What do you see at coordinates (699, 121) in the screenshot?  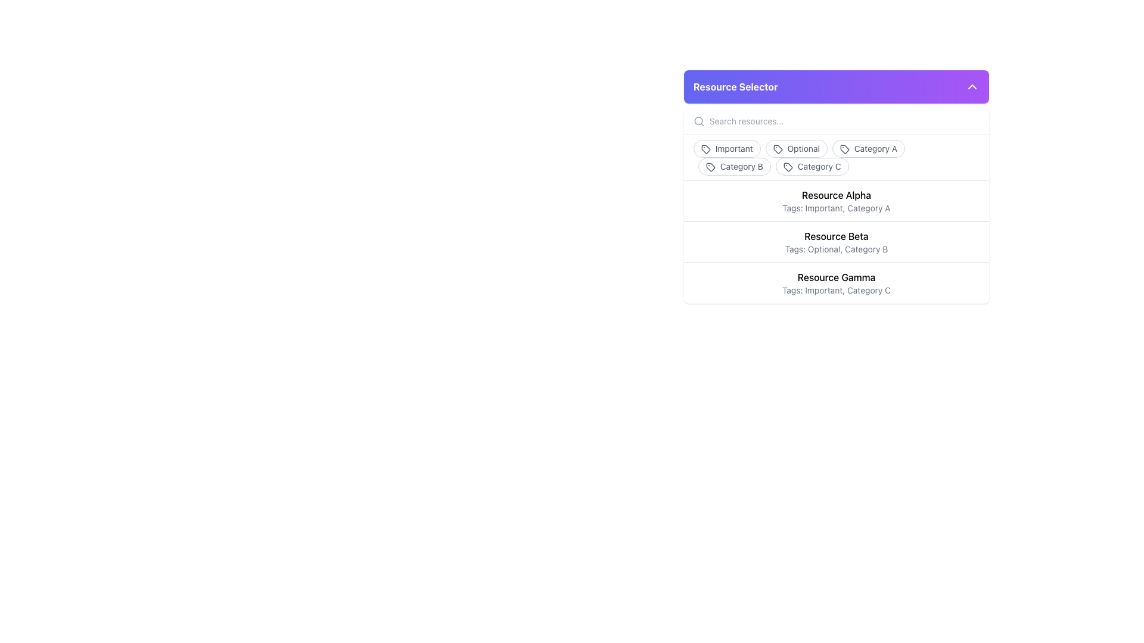 I see `the gray magnifying glass icon located at the left side of the search input field with the placeholder text 'Search resources...'` at bounding box center [699, 121].